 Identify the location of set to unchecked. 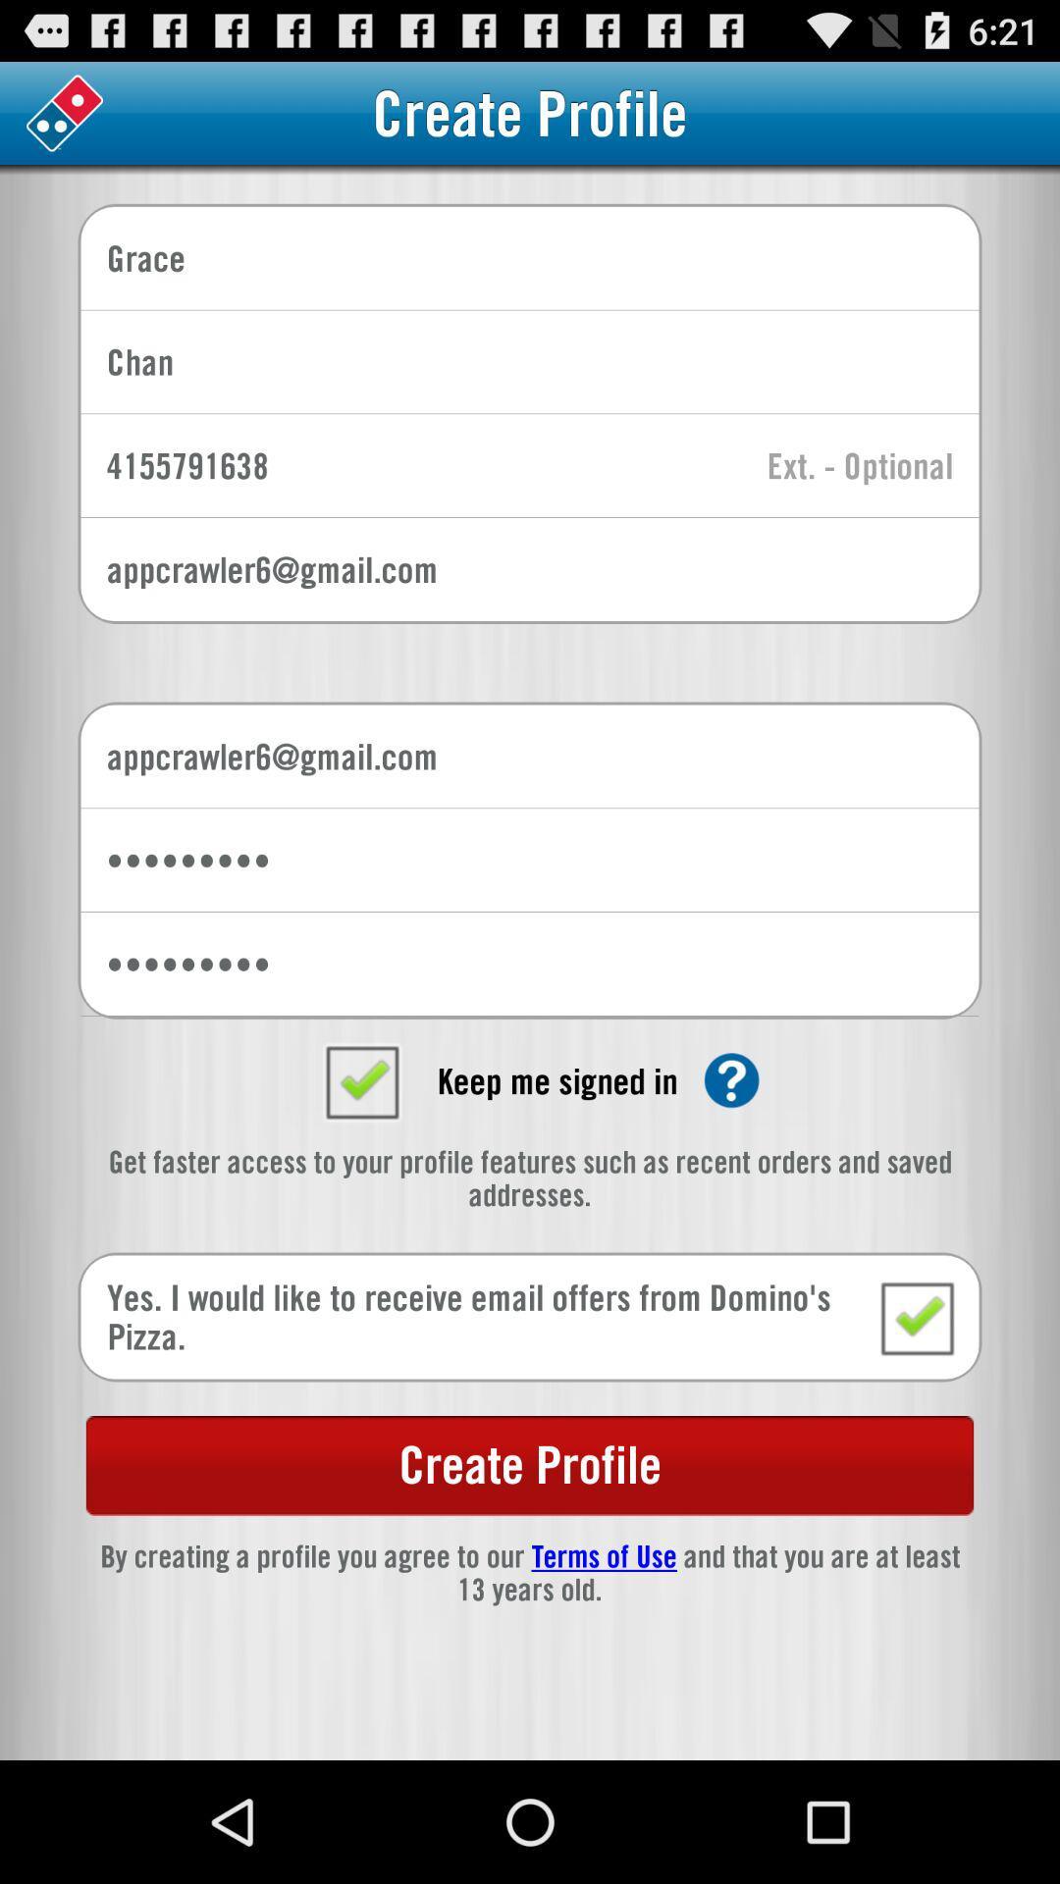
(361, 1079).